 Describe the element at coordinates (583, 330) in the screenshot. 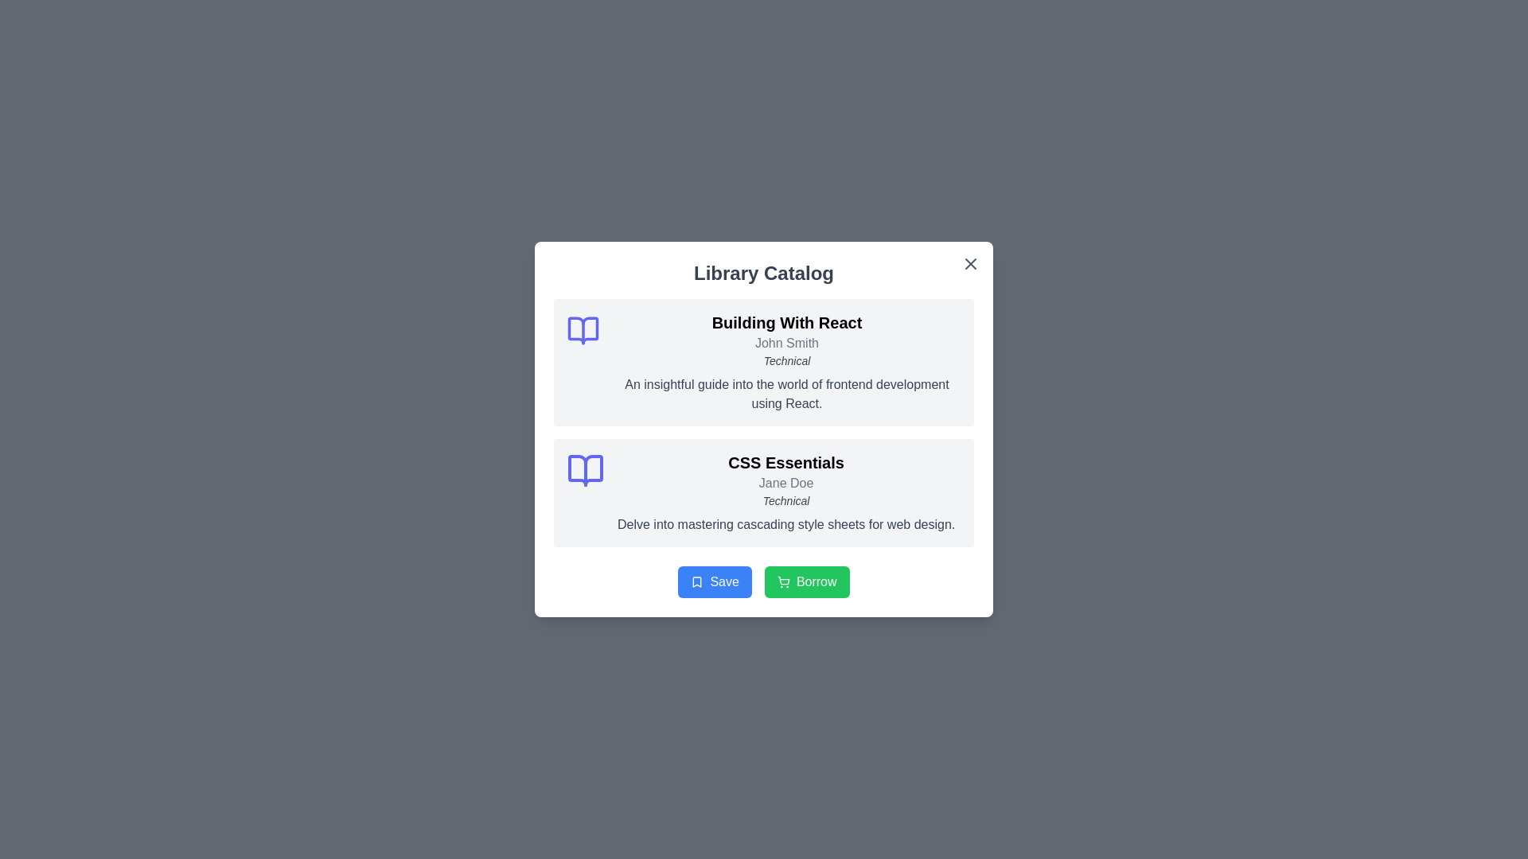

I see `the left-most icon in the first book entry box labeled 'Building With React' within the Library Catalog modal` at that location.